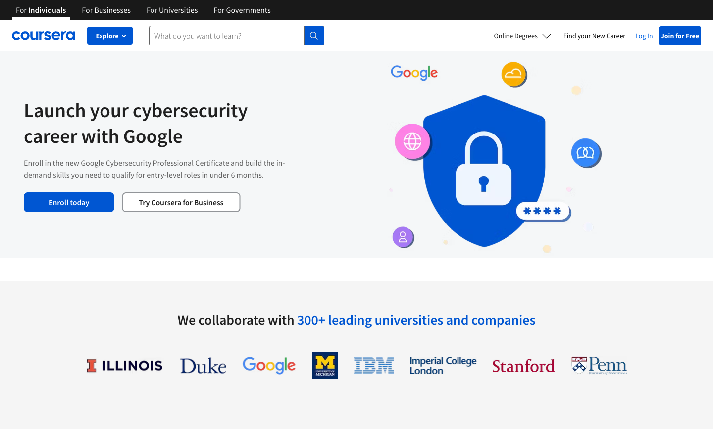 Image resolution: width=713 pixels, height=445 pixels. Describe the element at coordinates (106, 9) in the screenshot. I see `See Coursera for Business` at that location.